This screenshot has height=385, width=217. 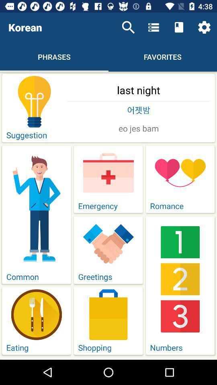 What do you see at coordinates (179, 27) in the screenshot?
I see `icon above the favorites` at bounding box center [179, 27].